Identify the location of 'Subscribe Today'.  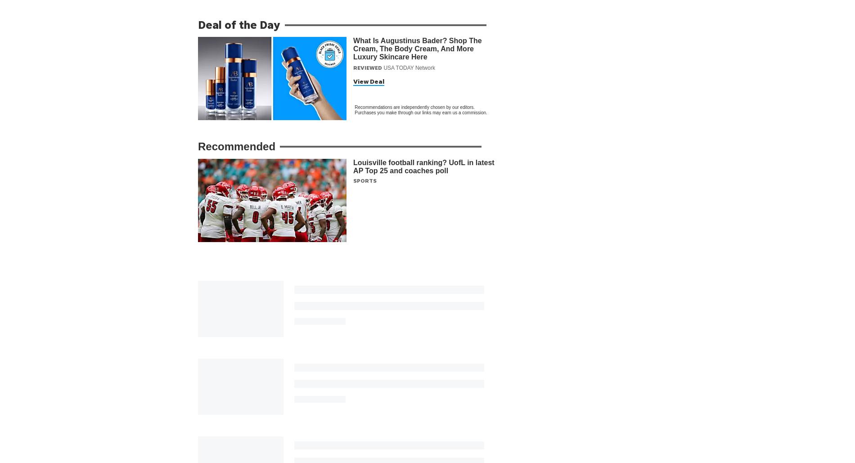
(434, 412).